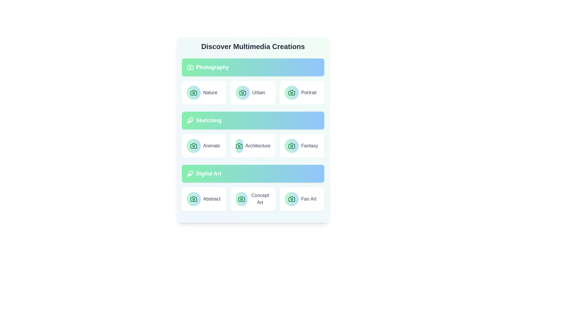 The image size is (567, 319). I want to click on the item labeled Architecture, so click(253, 146).